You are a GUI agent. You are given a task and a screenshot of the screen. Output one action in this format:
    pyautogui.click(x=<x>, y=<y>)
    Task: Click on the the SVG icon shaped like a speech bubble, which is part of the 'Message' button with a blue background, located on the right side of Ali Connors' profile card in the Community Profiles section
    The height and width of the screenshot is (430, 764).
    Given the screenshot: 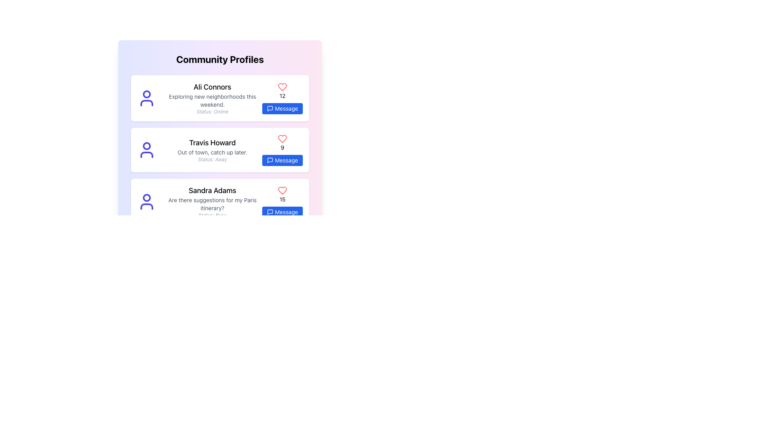 What is the action you would take?
    pyautogui.click(x=270, y=109)
    